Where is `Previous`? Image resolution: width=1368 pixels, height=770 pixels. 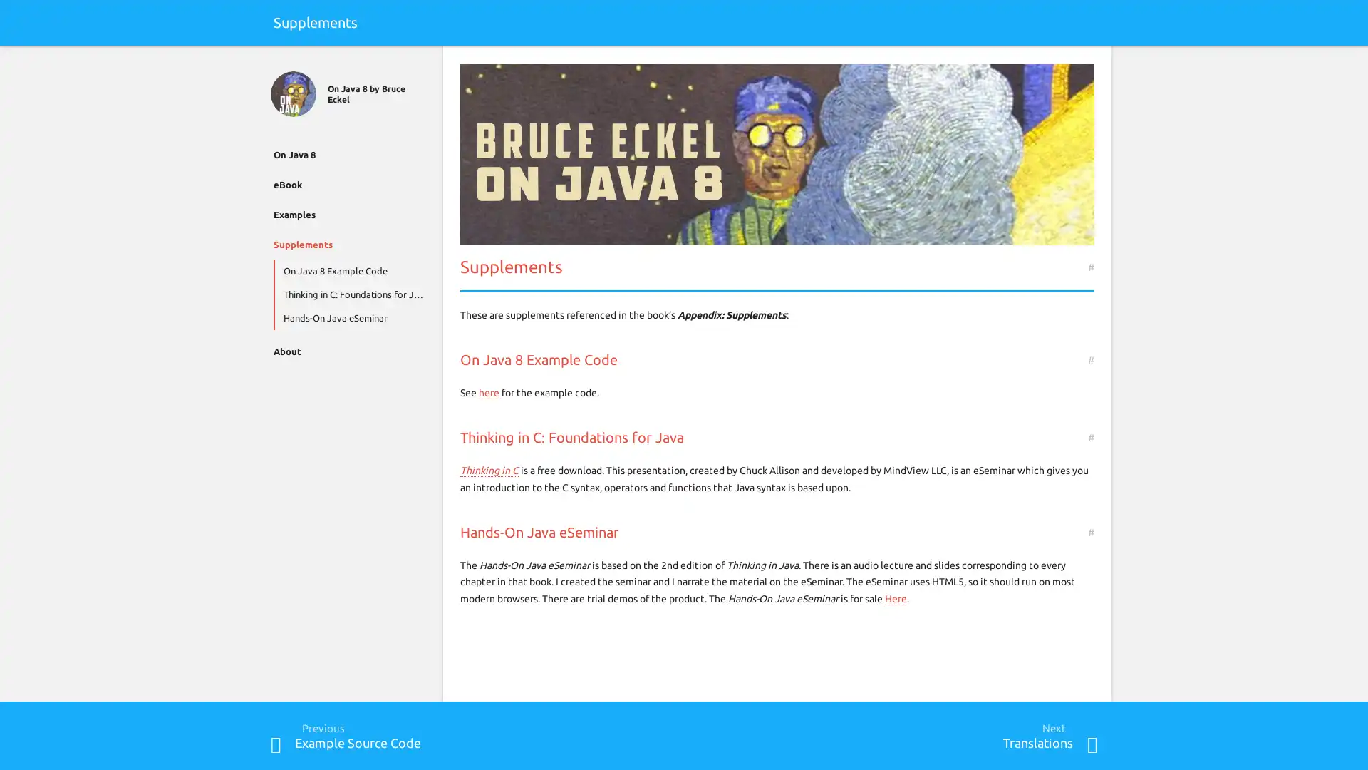
Previous is located at coordinates (276, 744).